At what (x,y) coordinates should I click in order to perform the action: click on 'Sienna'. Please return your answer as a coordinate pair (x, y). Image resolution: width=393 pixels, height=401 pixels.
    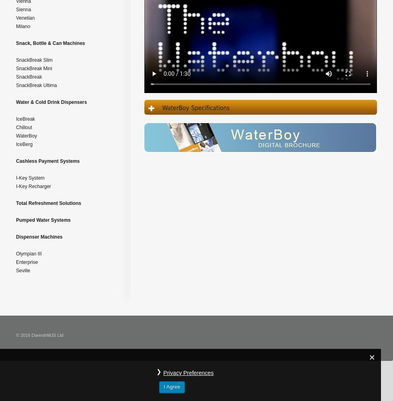
    Looking at the image, I should click on (23, 10).